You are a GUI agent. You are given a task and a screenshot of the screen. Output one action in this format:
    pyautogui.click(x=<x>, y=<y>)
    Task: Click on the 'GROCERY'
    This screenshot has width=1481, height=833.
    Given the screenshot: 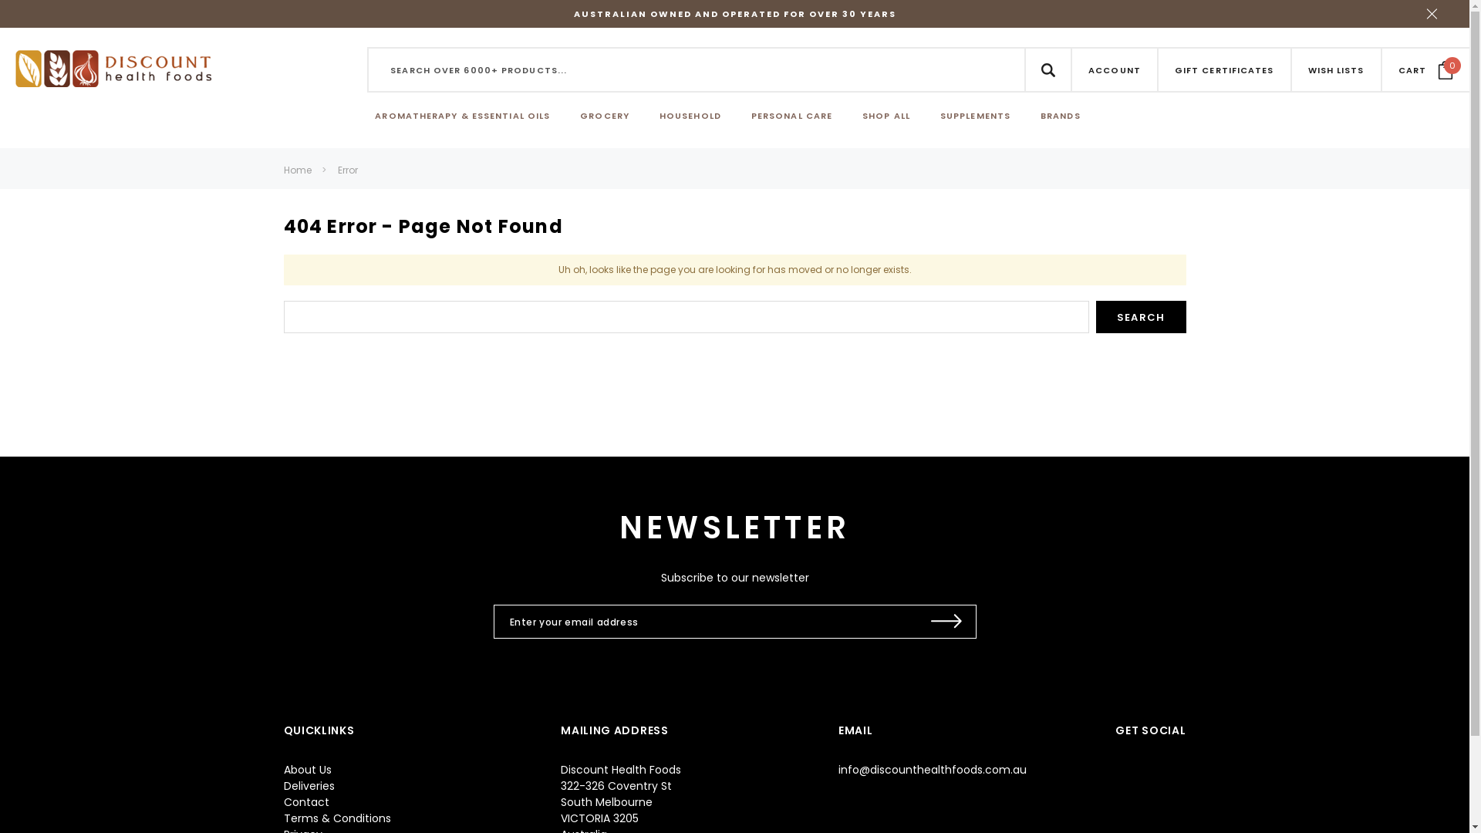 What is the action you would take?
    pyautogui.click(x=603, y=115)
    